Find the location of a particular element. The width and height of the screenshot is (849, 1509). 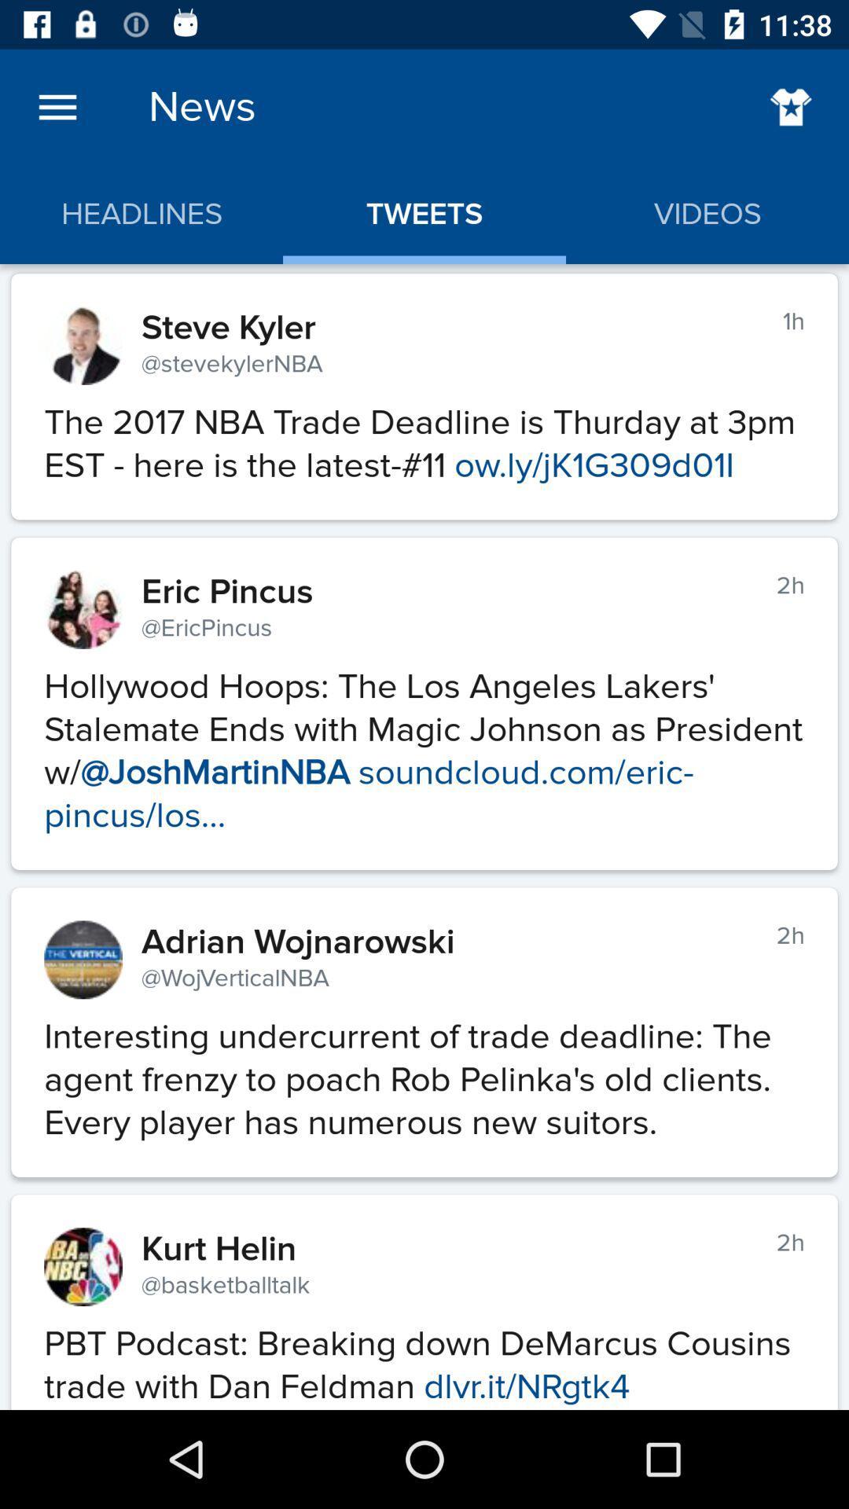

the videos item is located at coordinates (706, 214).